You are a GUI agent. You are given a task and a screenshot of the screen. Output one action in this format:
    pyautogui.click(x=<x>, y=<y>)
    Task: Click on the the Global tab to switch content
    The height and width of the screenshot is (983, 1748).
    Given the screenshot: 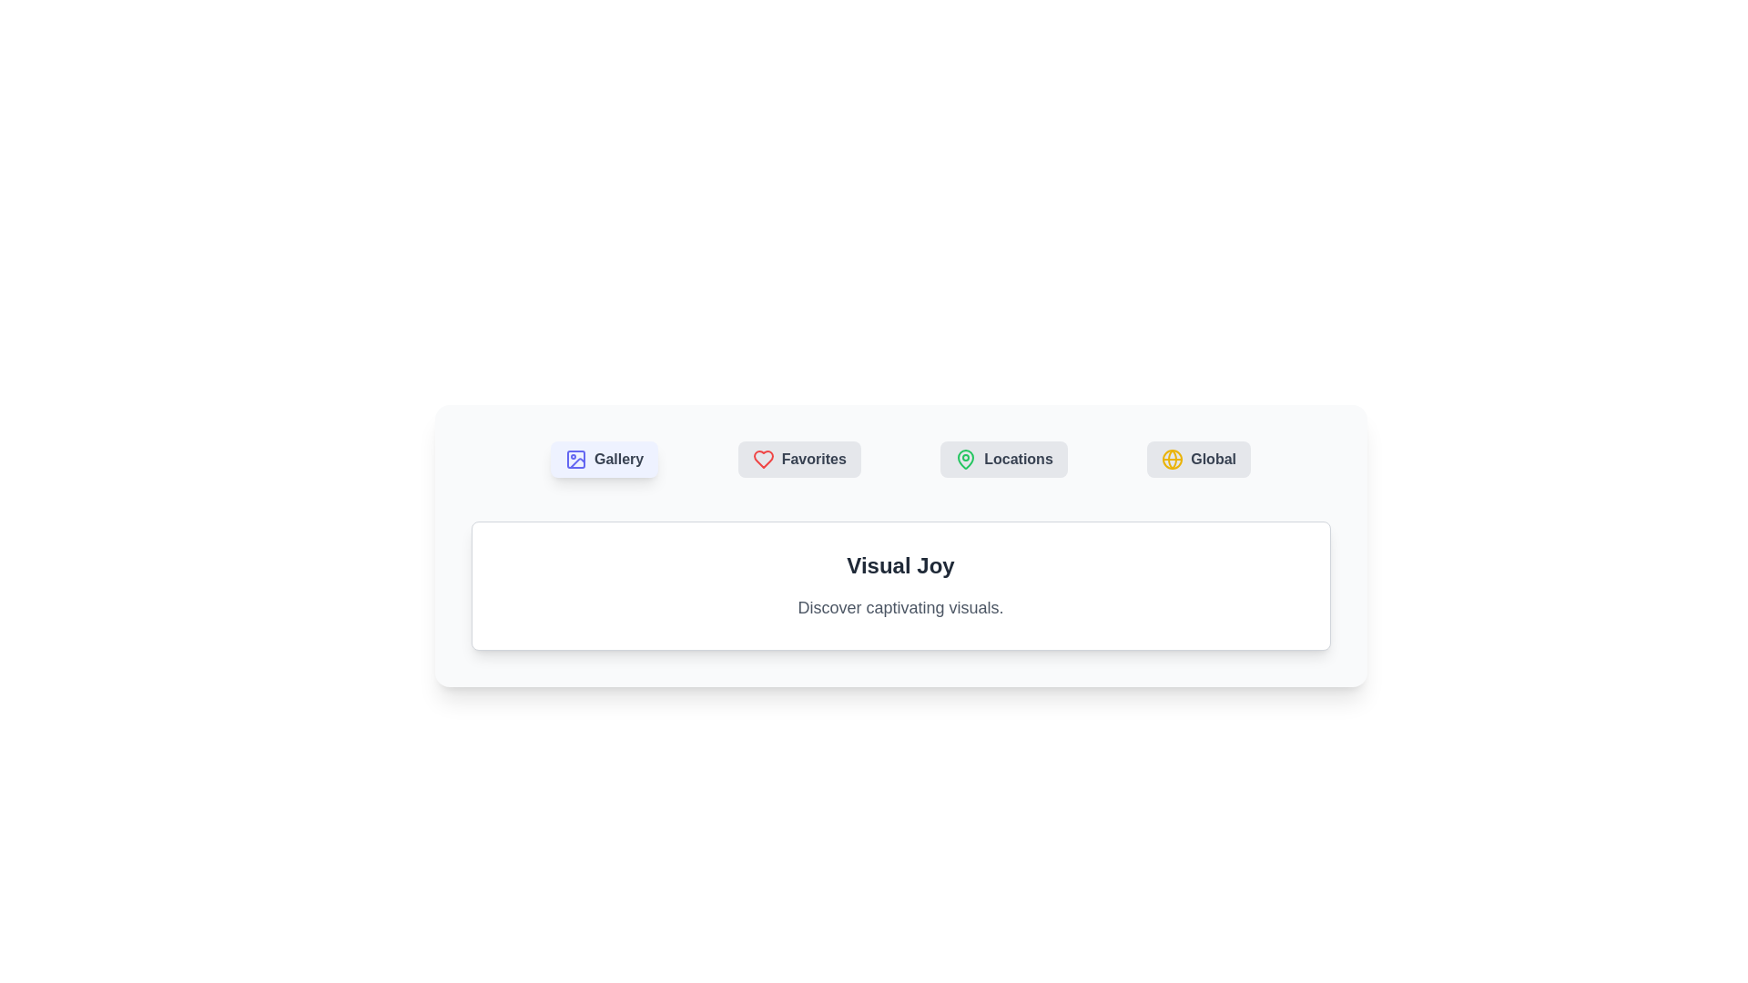 What is the action you would take?
    pyautogui.click(x=1199, y=459)
    